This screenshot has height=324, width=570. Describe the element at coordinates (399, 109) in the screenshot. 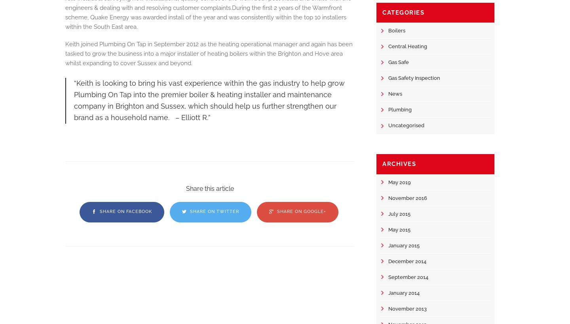

I see `'Plumbing'` at that location.